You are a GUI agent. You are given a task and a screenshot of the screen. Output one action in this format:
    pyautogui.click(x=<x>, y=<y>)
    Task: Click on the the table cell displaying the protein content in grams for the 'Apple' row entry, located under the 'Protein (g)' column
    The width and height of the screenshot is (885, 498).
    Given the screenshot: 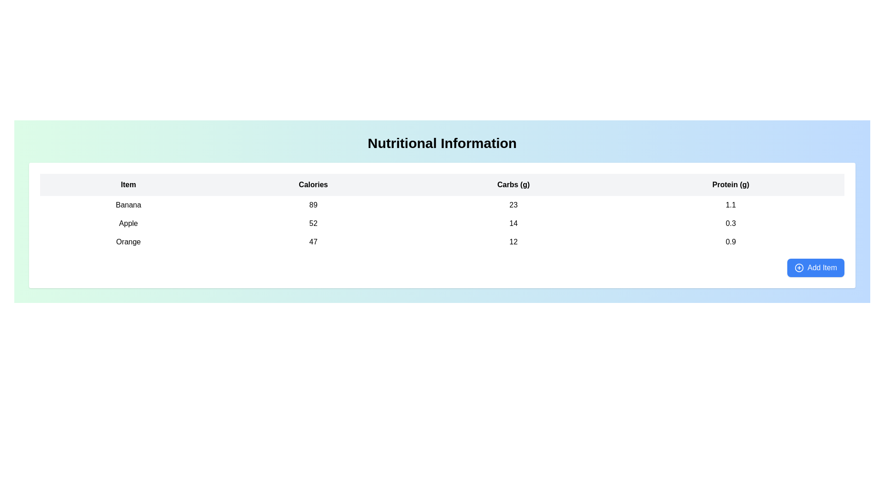 What is the action you would take?
    pyautogui.click(x=730, y=224)
    